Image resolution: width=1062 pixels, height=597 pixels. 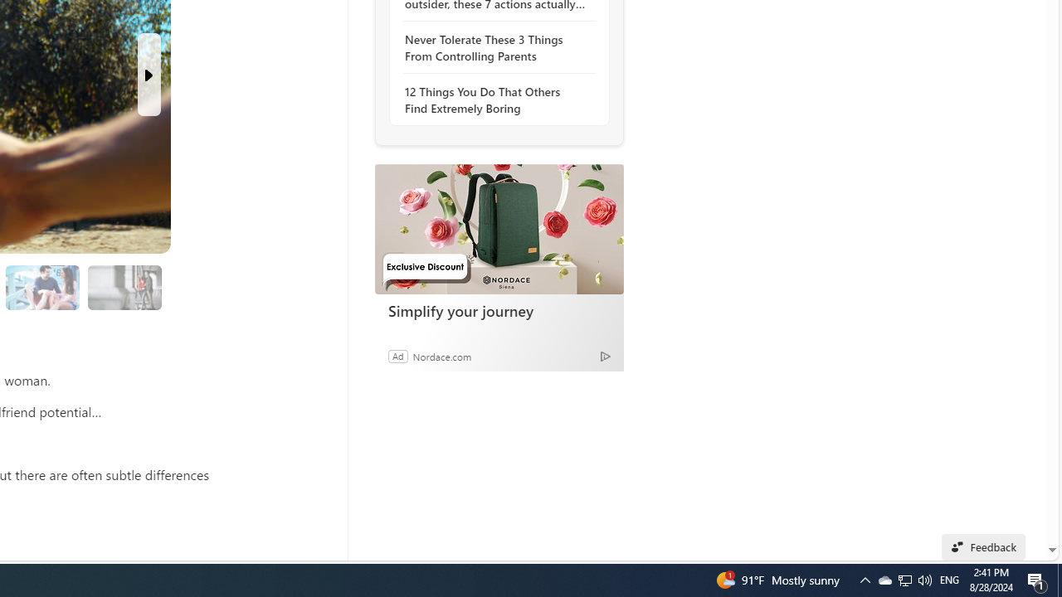 I want to click on 'Class: progress', so click(x=124, y=284).